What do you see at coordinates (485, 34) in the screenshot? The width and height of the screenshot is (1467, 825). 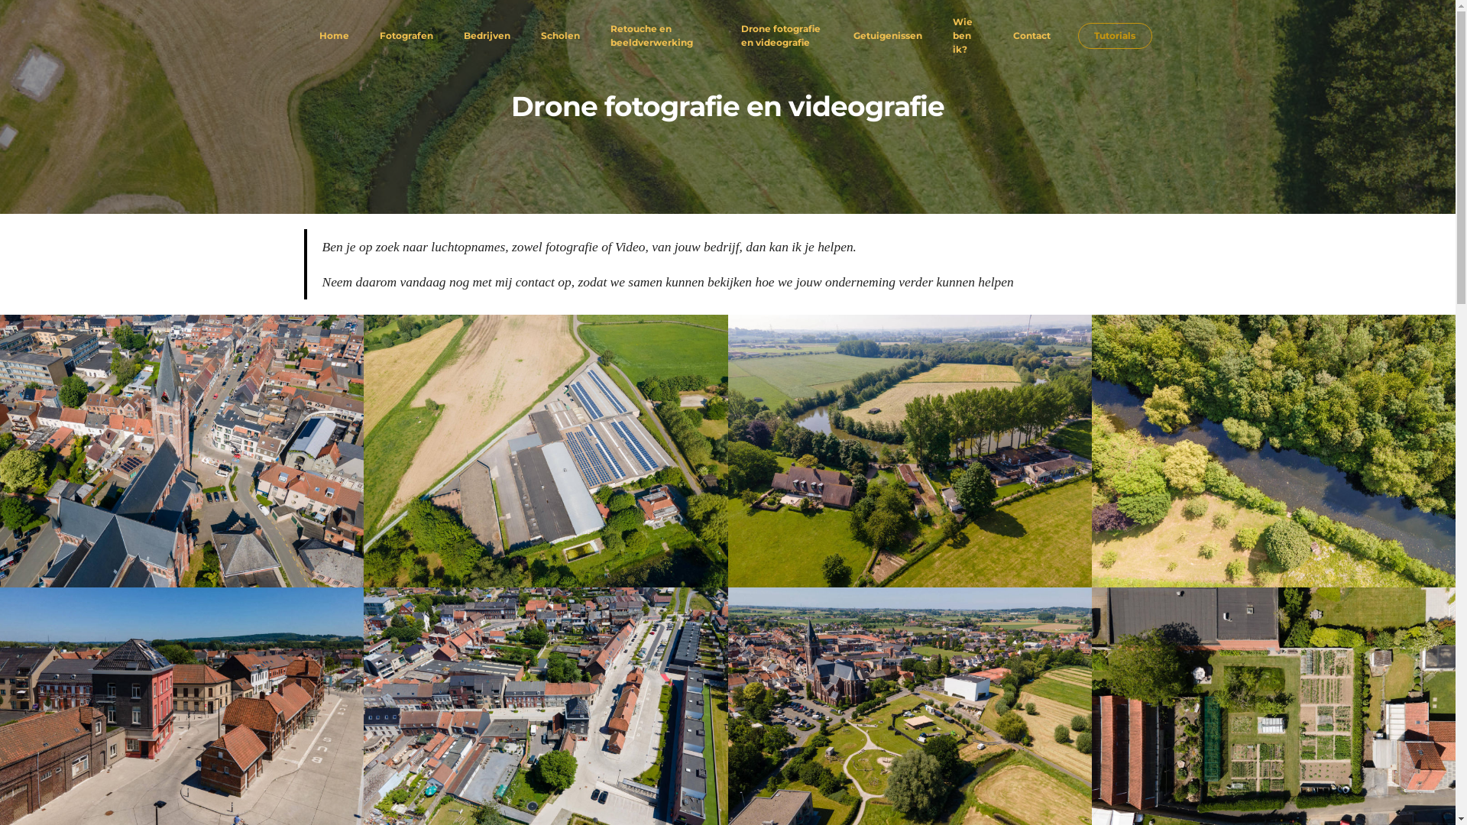 I see `'Bedrijven'` at bounding box center [485, 34].